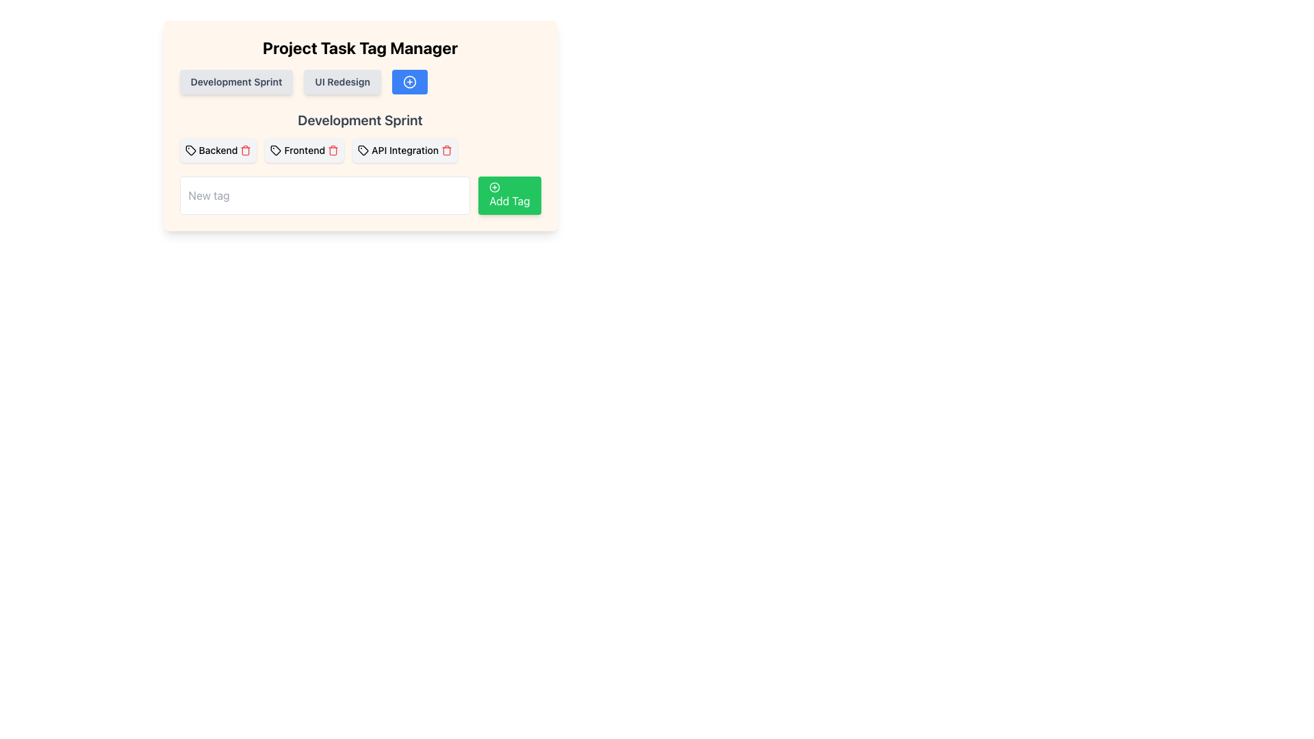 The image size is (1314, 739). Describe the element at coordinates (363, 150) in the screenshot. I see `the SVG icon styled as a simplified tag symbol, which is located to the left of the 'API Integration' text in the tag component under 'Development Sprint'` at that location.